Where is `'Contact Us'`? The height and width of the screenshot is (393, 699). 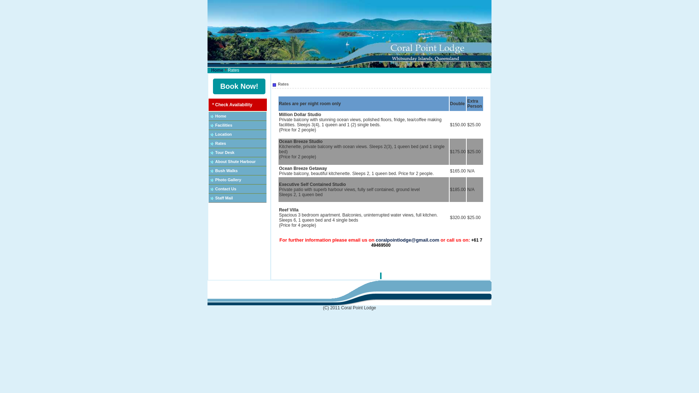
'Contact Us' is located at coordinates (214, 188).